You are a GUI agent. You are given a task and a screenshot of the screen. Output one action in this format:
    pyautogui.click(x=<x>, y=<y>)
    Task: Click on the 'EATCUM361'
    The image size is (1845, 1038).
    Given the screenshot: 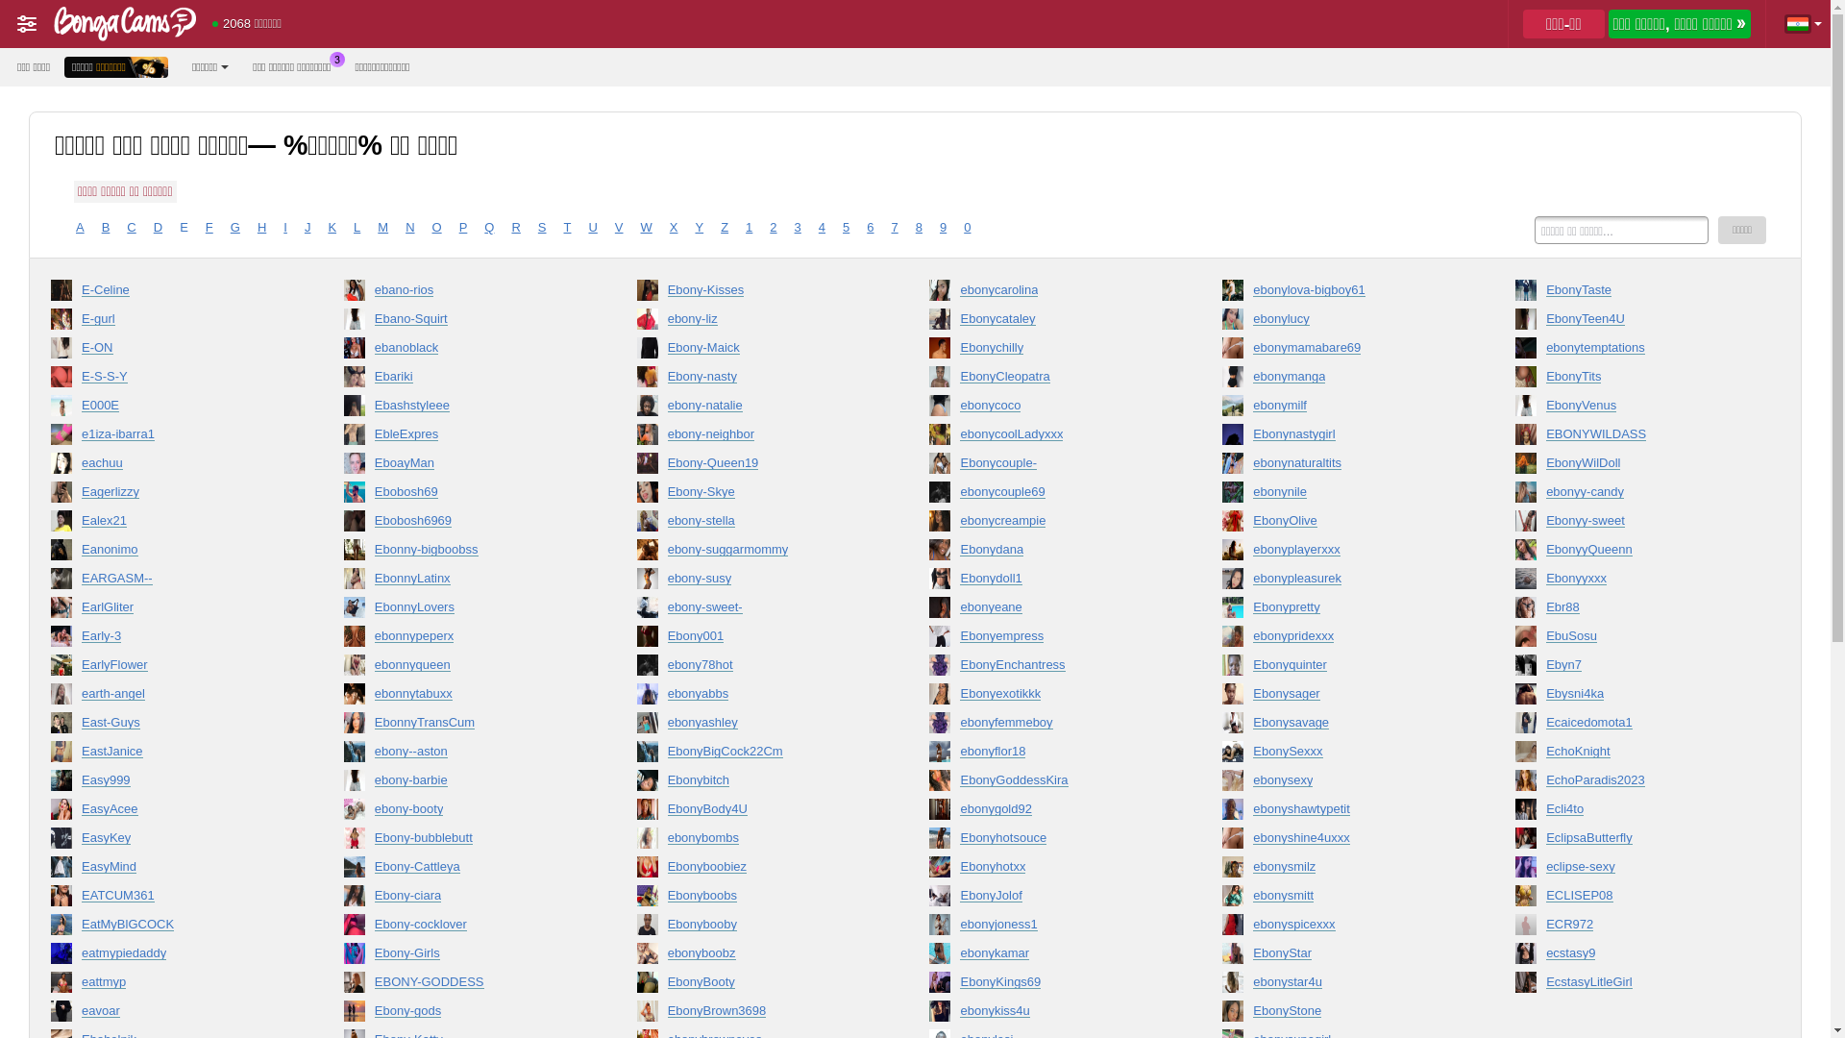 What is the action you would take?
    pyautogui.click(x=50, y=900)
    